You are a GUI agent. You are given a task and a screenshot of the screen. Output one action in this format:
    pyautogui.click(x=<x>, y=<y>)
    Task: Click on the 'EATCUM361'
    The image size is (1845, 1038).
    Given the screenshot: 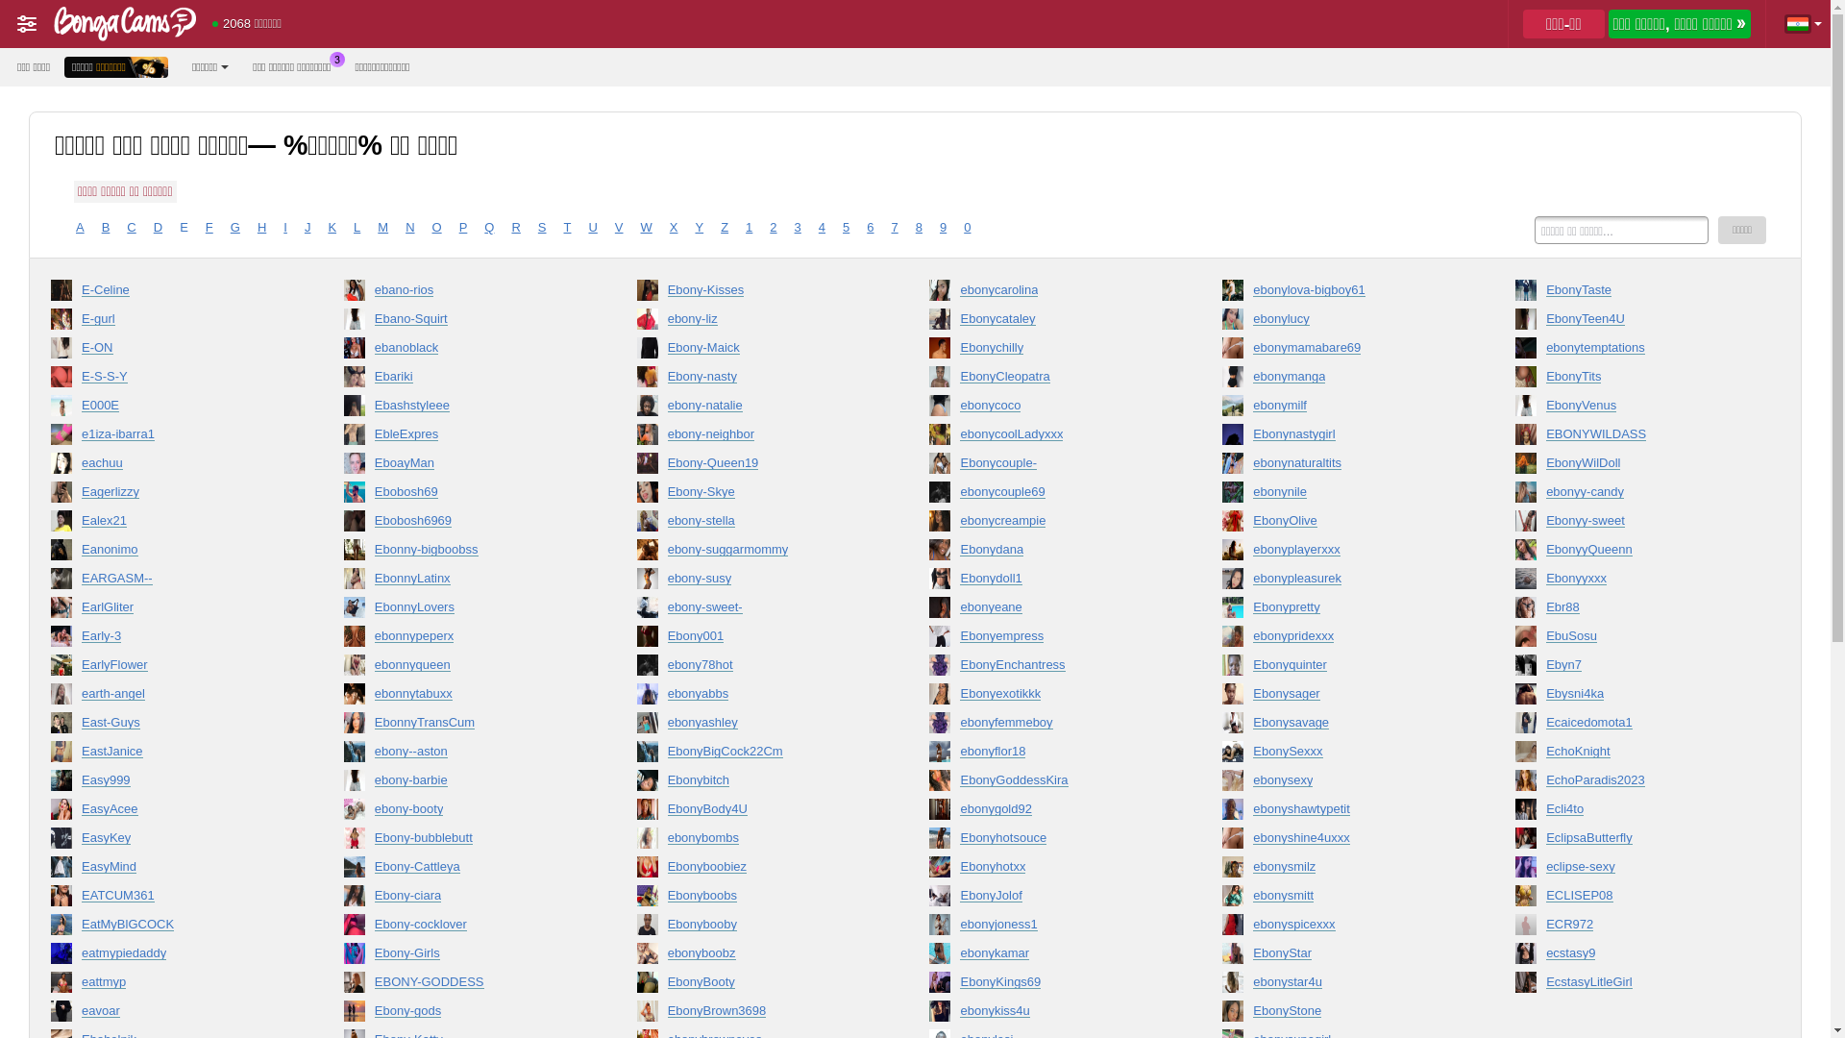 What is the action you would take?
    pyautogui.click(x=50, y=900)
    